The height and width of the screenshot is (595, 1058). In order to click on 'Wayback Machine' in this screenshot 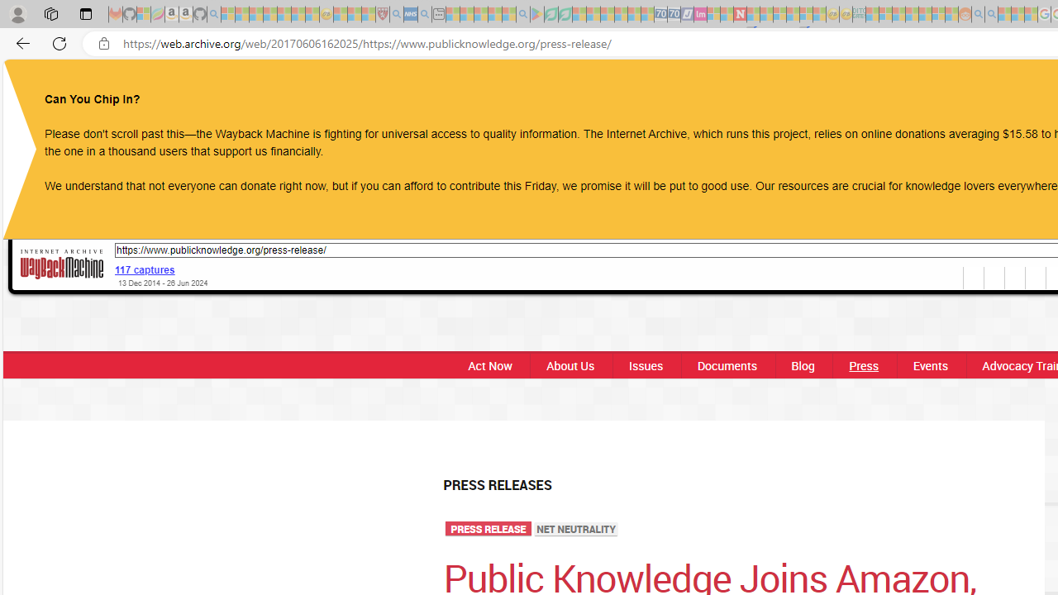, I will do `click(62, 263)`.